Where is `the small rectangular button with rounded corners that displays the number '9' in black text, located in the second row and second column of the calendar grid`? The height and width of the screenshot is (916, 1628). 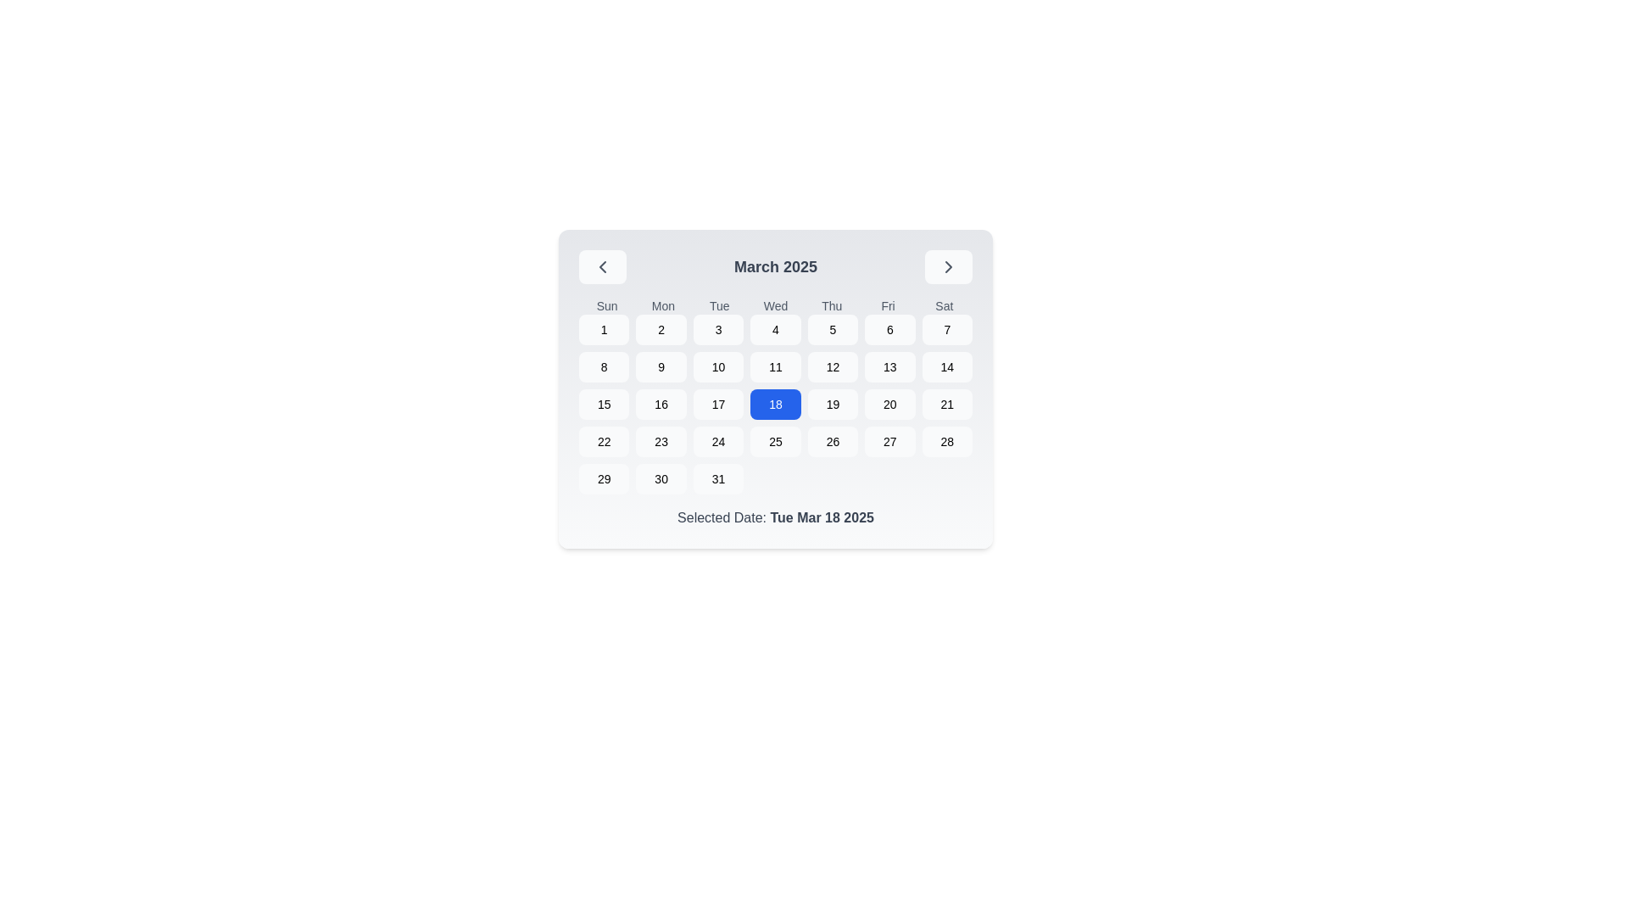
the small rectangular button with rounded corners that displays the number '9' in black text, located in the second row and second column of the calendar grid is located at coordinates (661, 366).